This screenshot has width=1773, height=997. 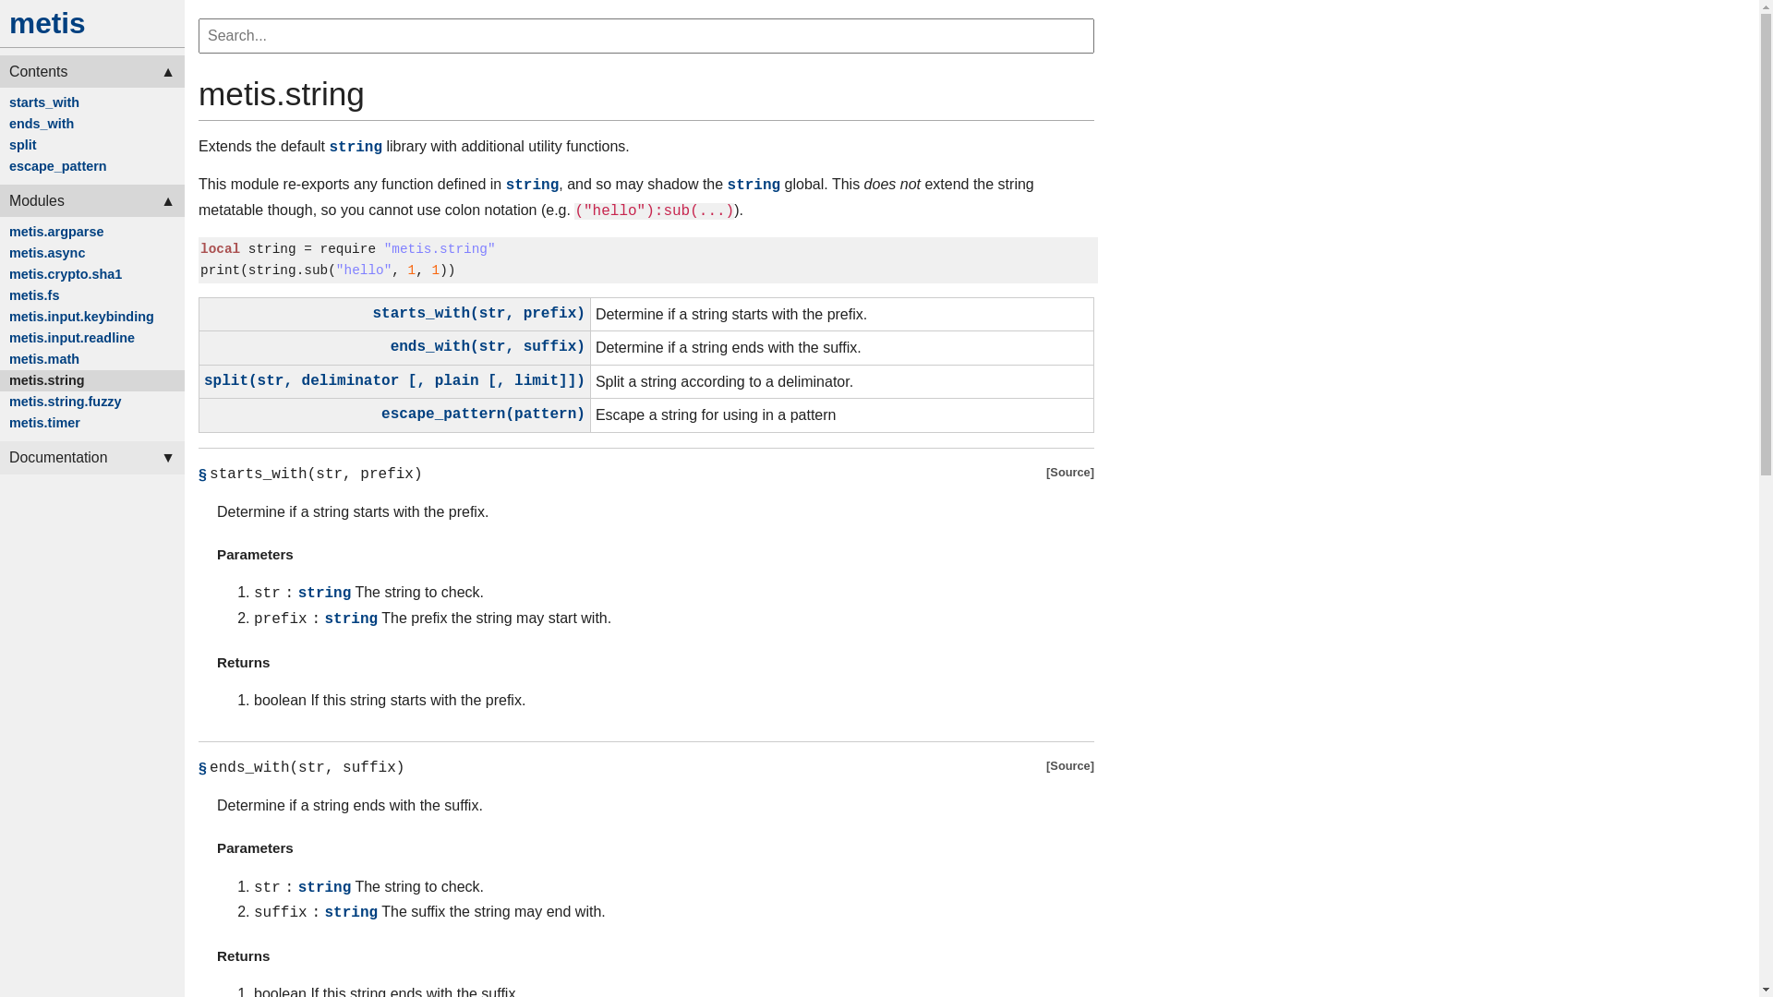 What do you see at coordinates (91, 124) in the screenshot?
I see `'ends_with'` at bounding box center [91, 124].